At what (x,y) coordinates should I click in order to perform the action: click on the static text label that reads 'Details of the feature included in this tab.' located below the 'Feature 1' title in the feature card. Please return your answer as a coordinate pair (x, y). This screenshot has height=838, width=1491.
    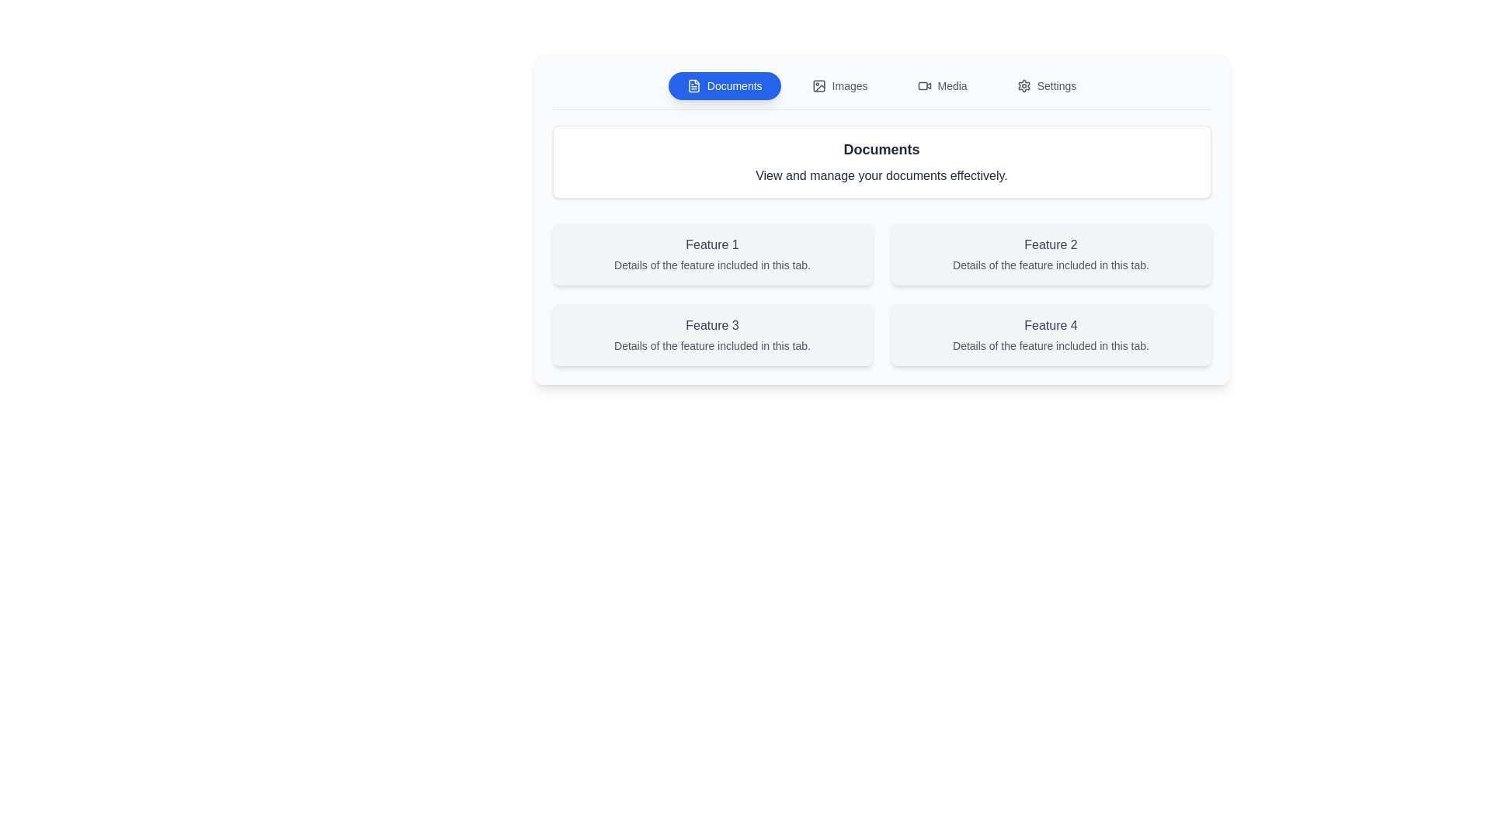
    Looking at the image, I should click on (711, 265).